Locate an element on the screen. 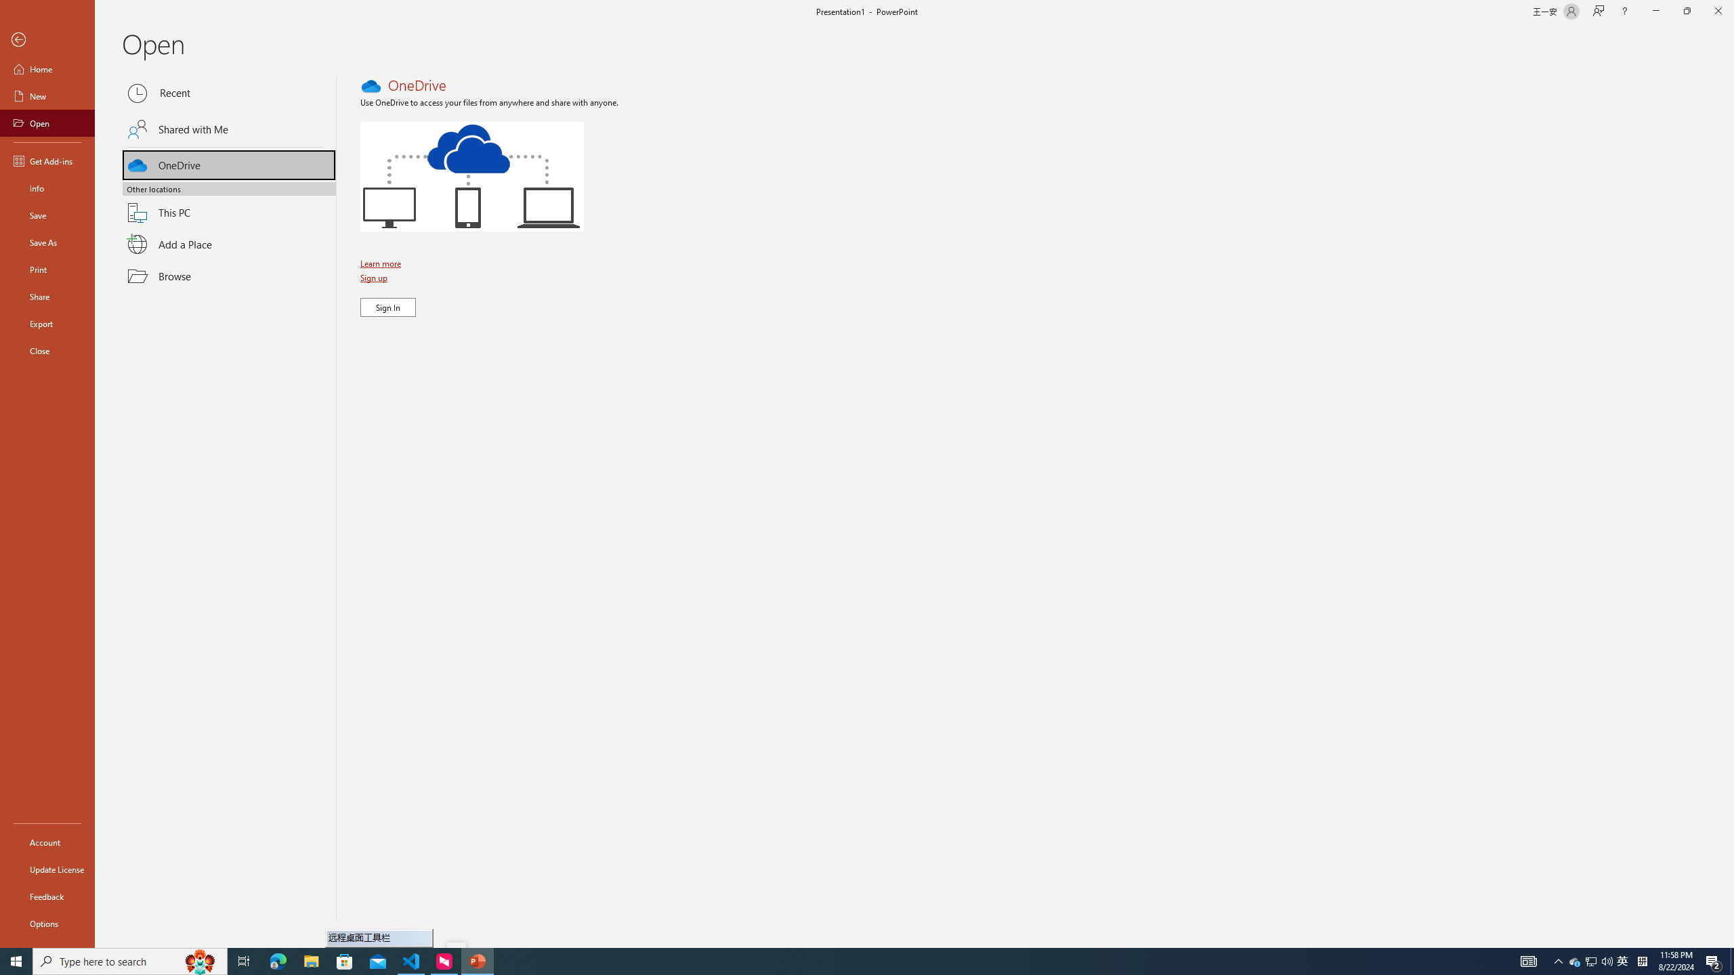  'Options' is located at coordinates (47, 923).